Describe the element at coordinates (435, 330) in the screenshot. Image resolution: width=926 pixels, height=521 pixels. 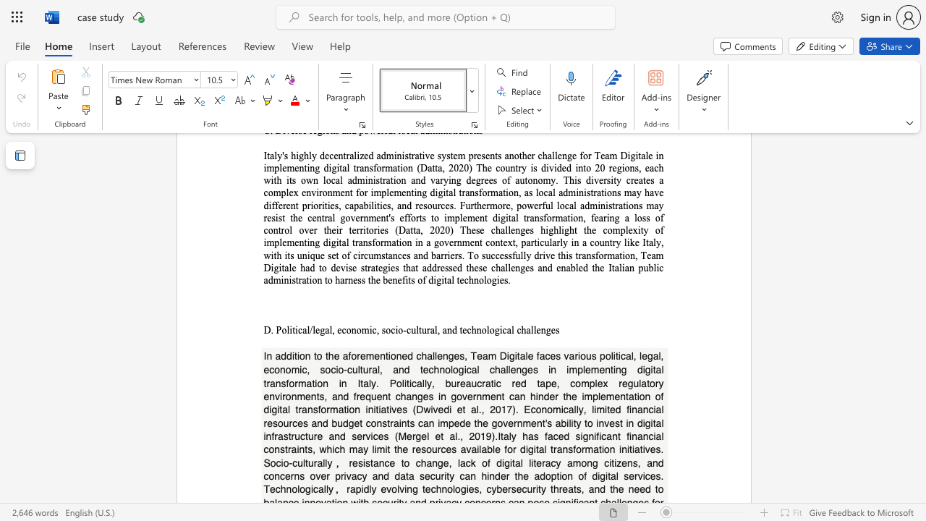
I see `the 6th character "l" in the text` at that location.